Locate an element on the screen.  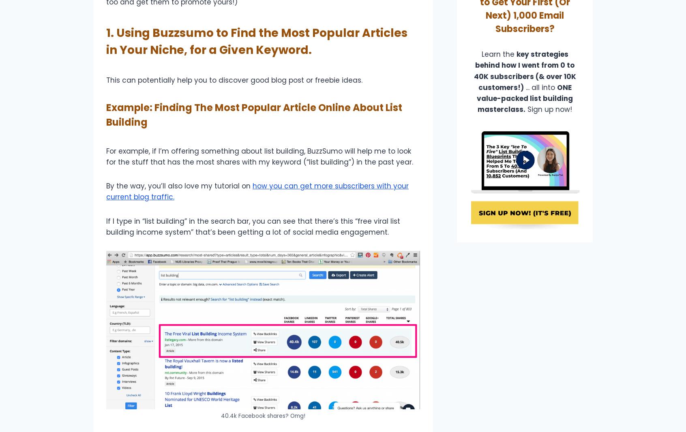
'By the way, you’ll also love my tutorial on' is located at coordinates (179, 186).